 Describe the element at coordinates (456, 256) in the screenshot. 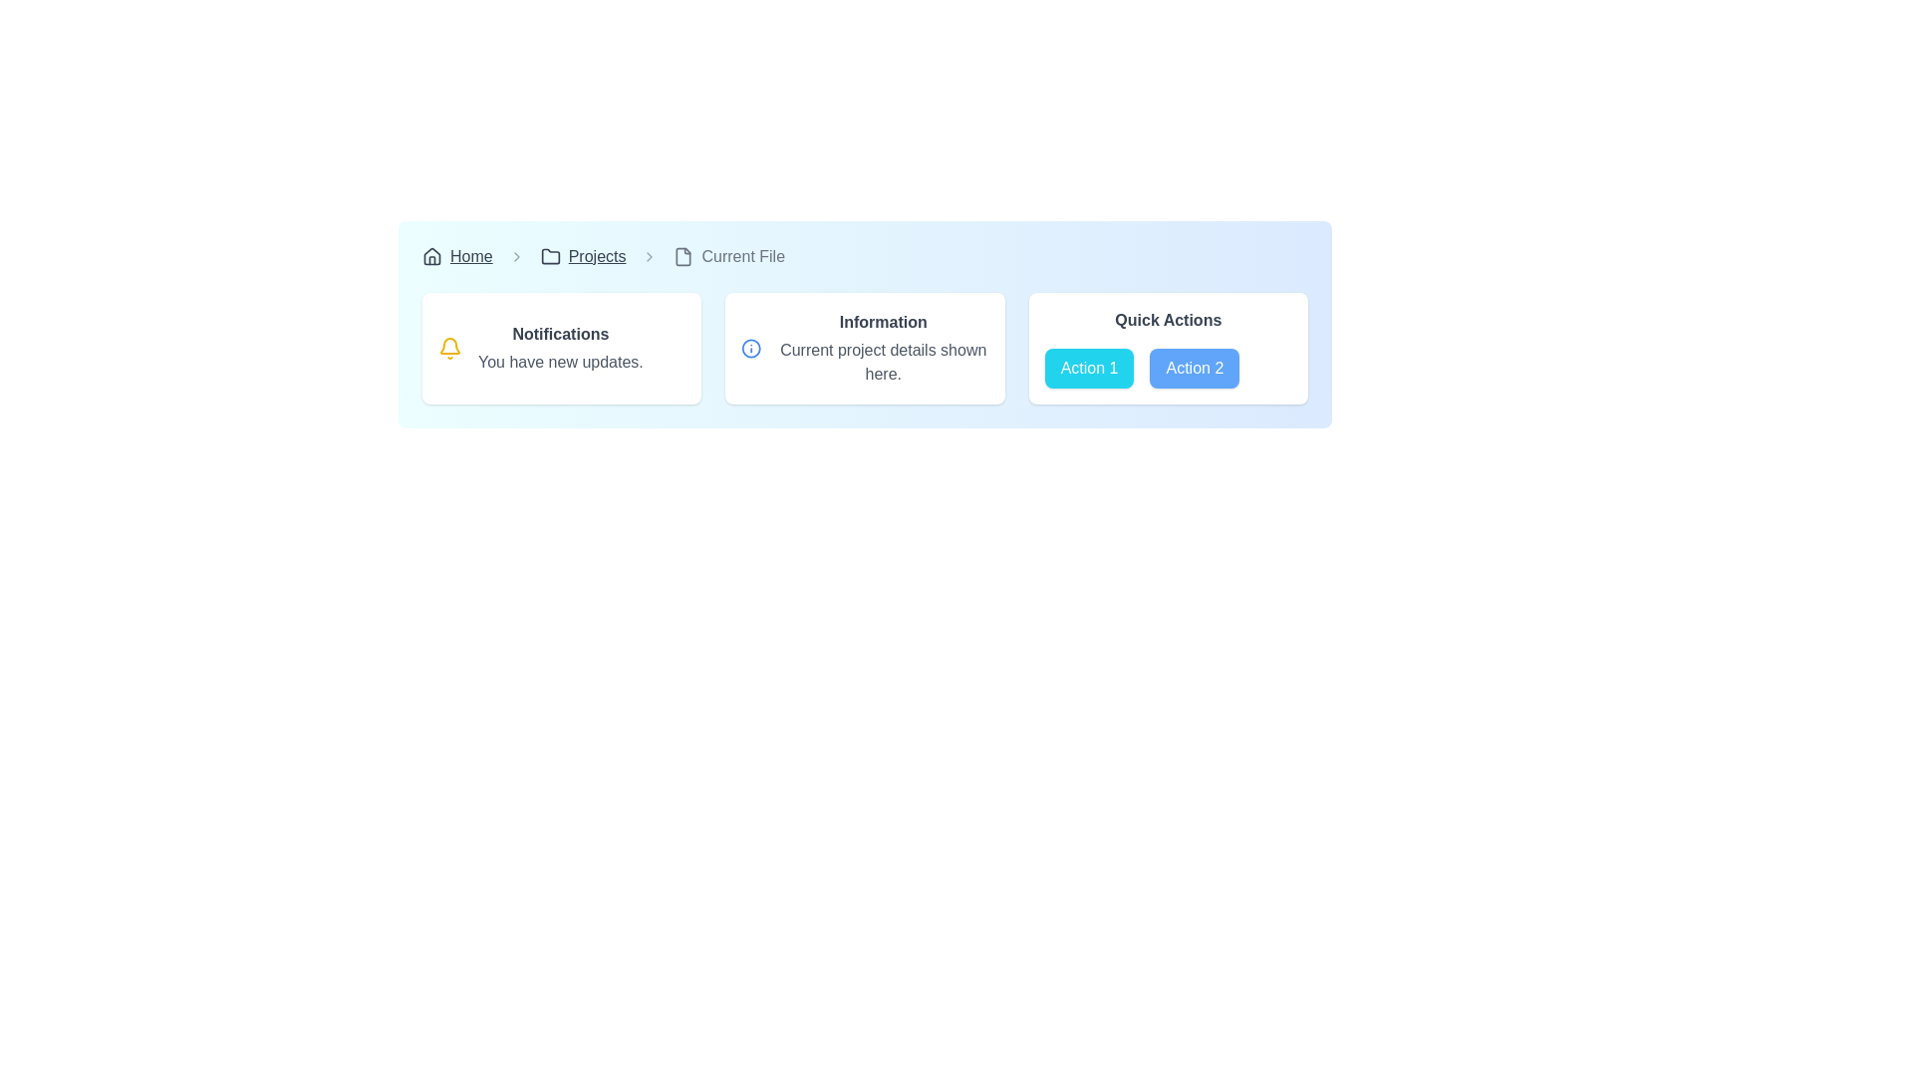

I see `the 'Home' interactive text link in the breadcrumb navigation bar` at that location.